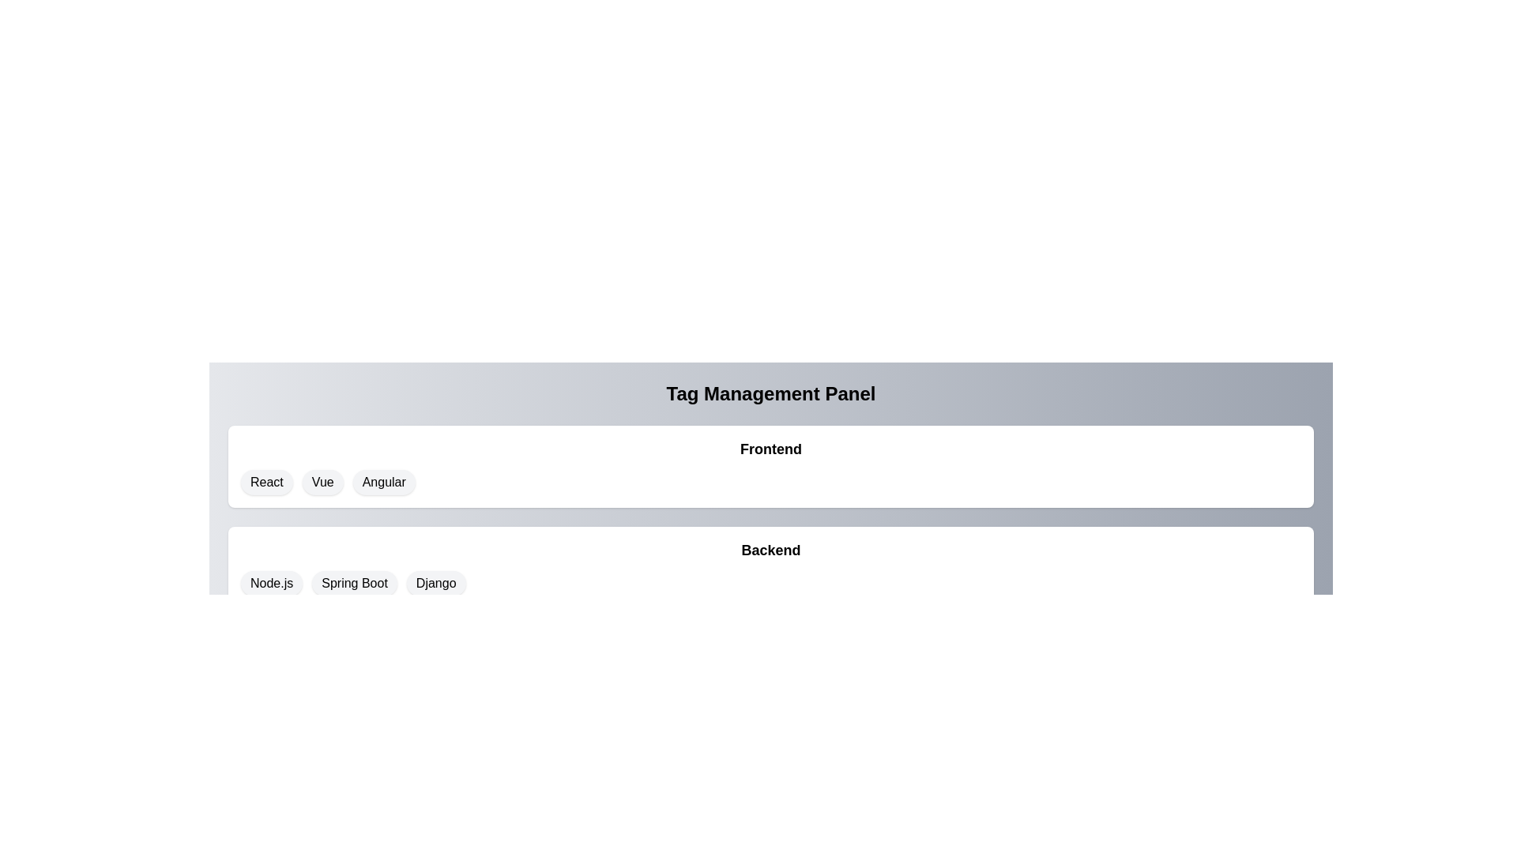  I want to click on the 'Spring Boot' button, which is the second button in a horizontal group of three buttons, so click(354, 584).